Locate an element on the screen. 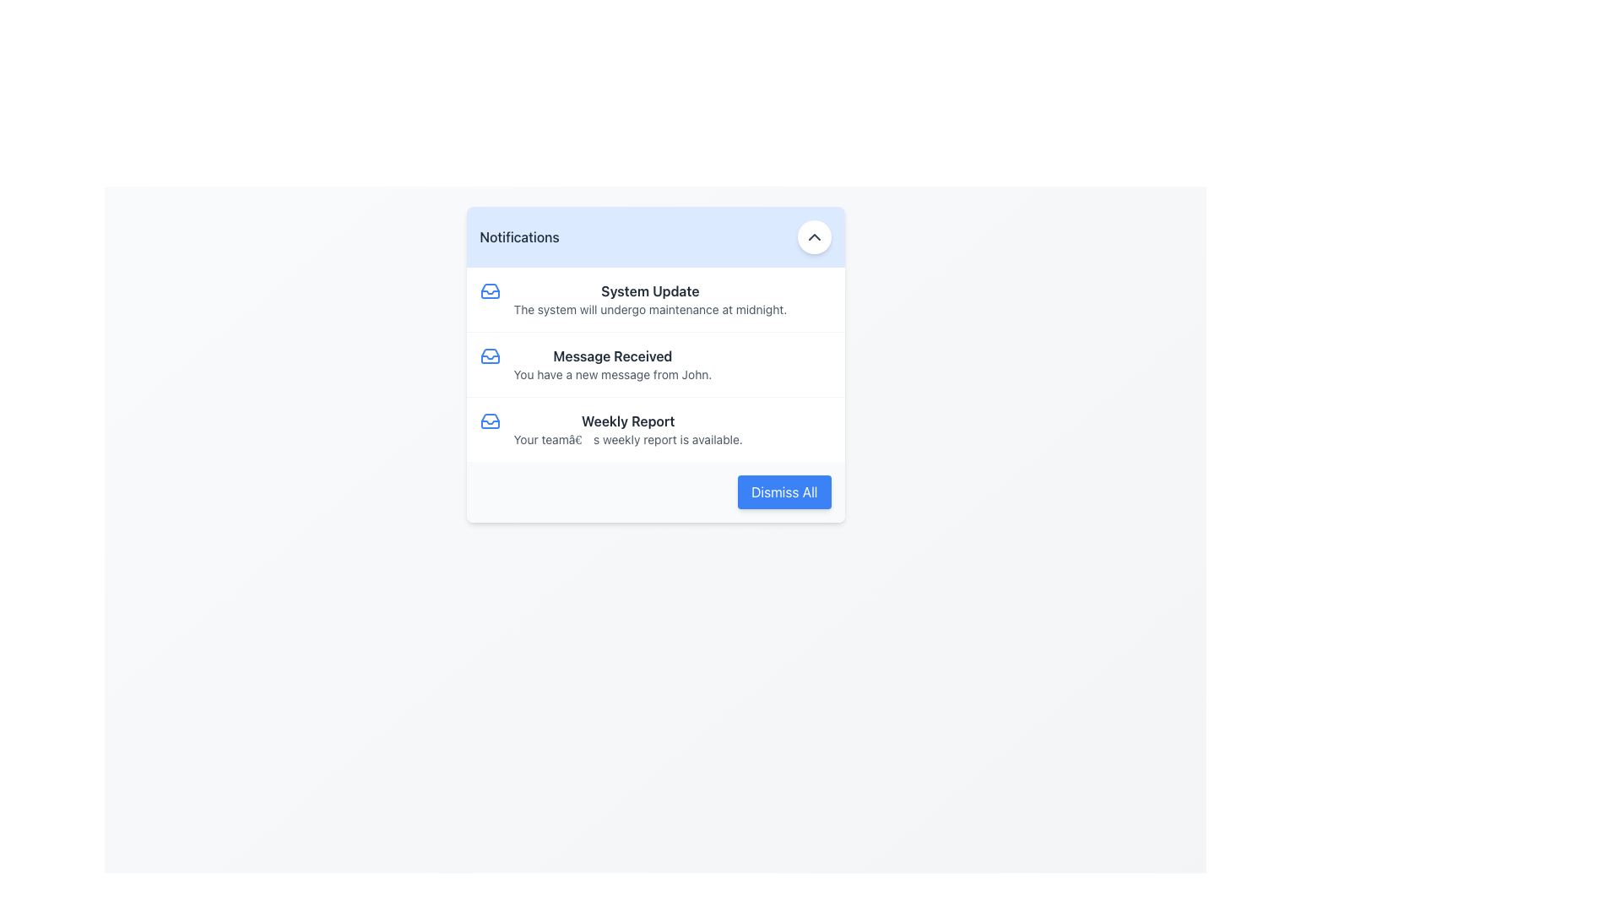 This screenshot has width=1621, height=912. the blue inbox icon located at the upper left corner of the 'System Update' notification to read the related message is located at coordinates (489, 290).